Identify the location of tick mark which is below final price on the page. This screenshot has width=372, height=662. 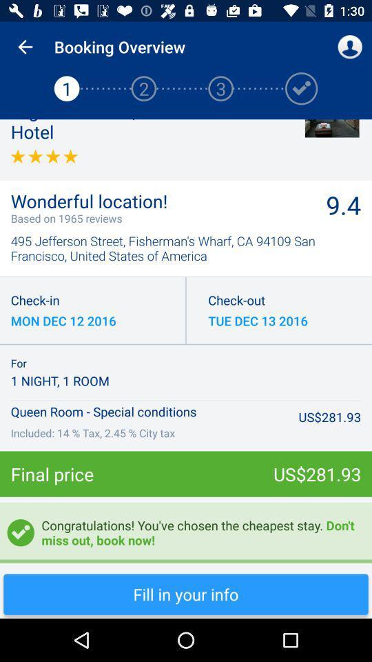
(20, 532).